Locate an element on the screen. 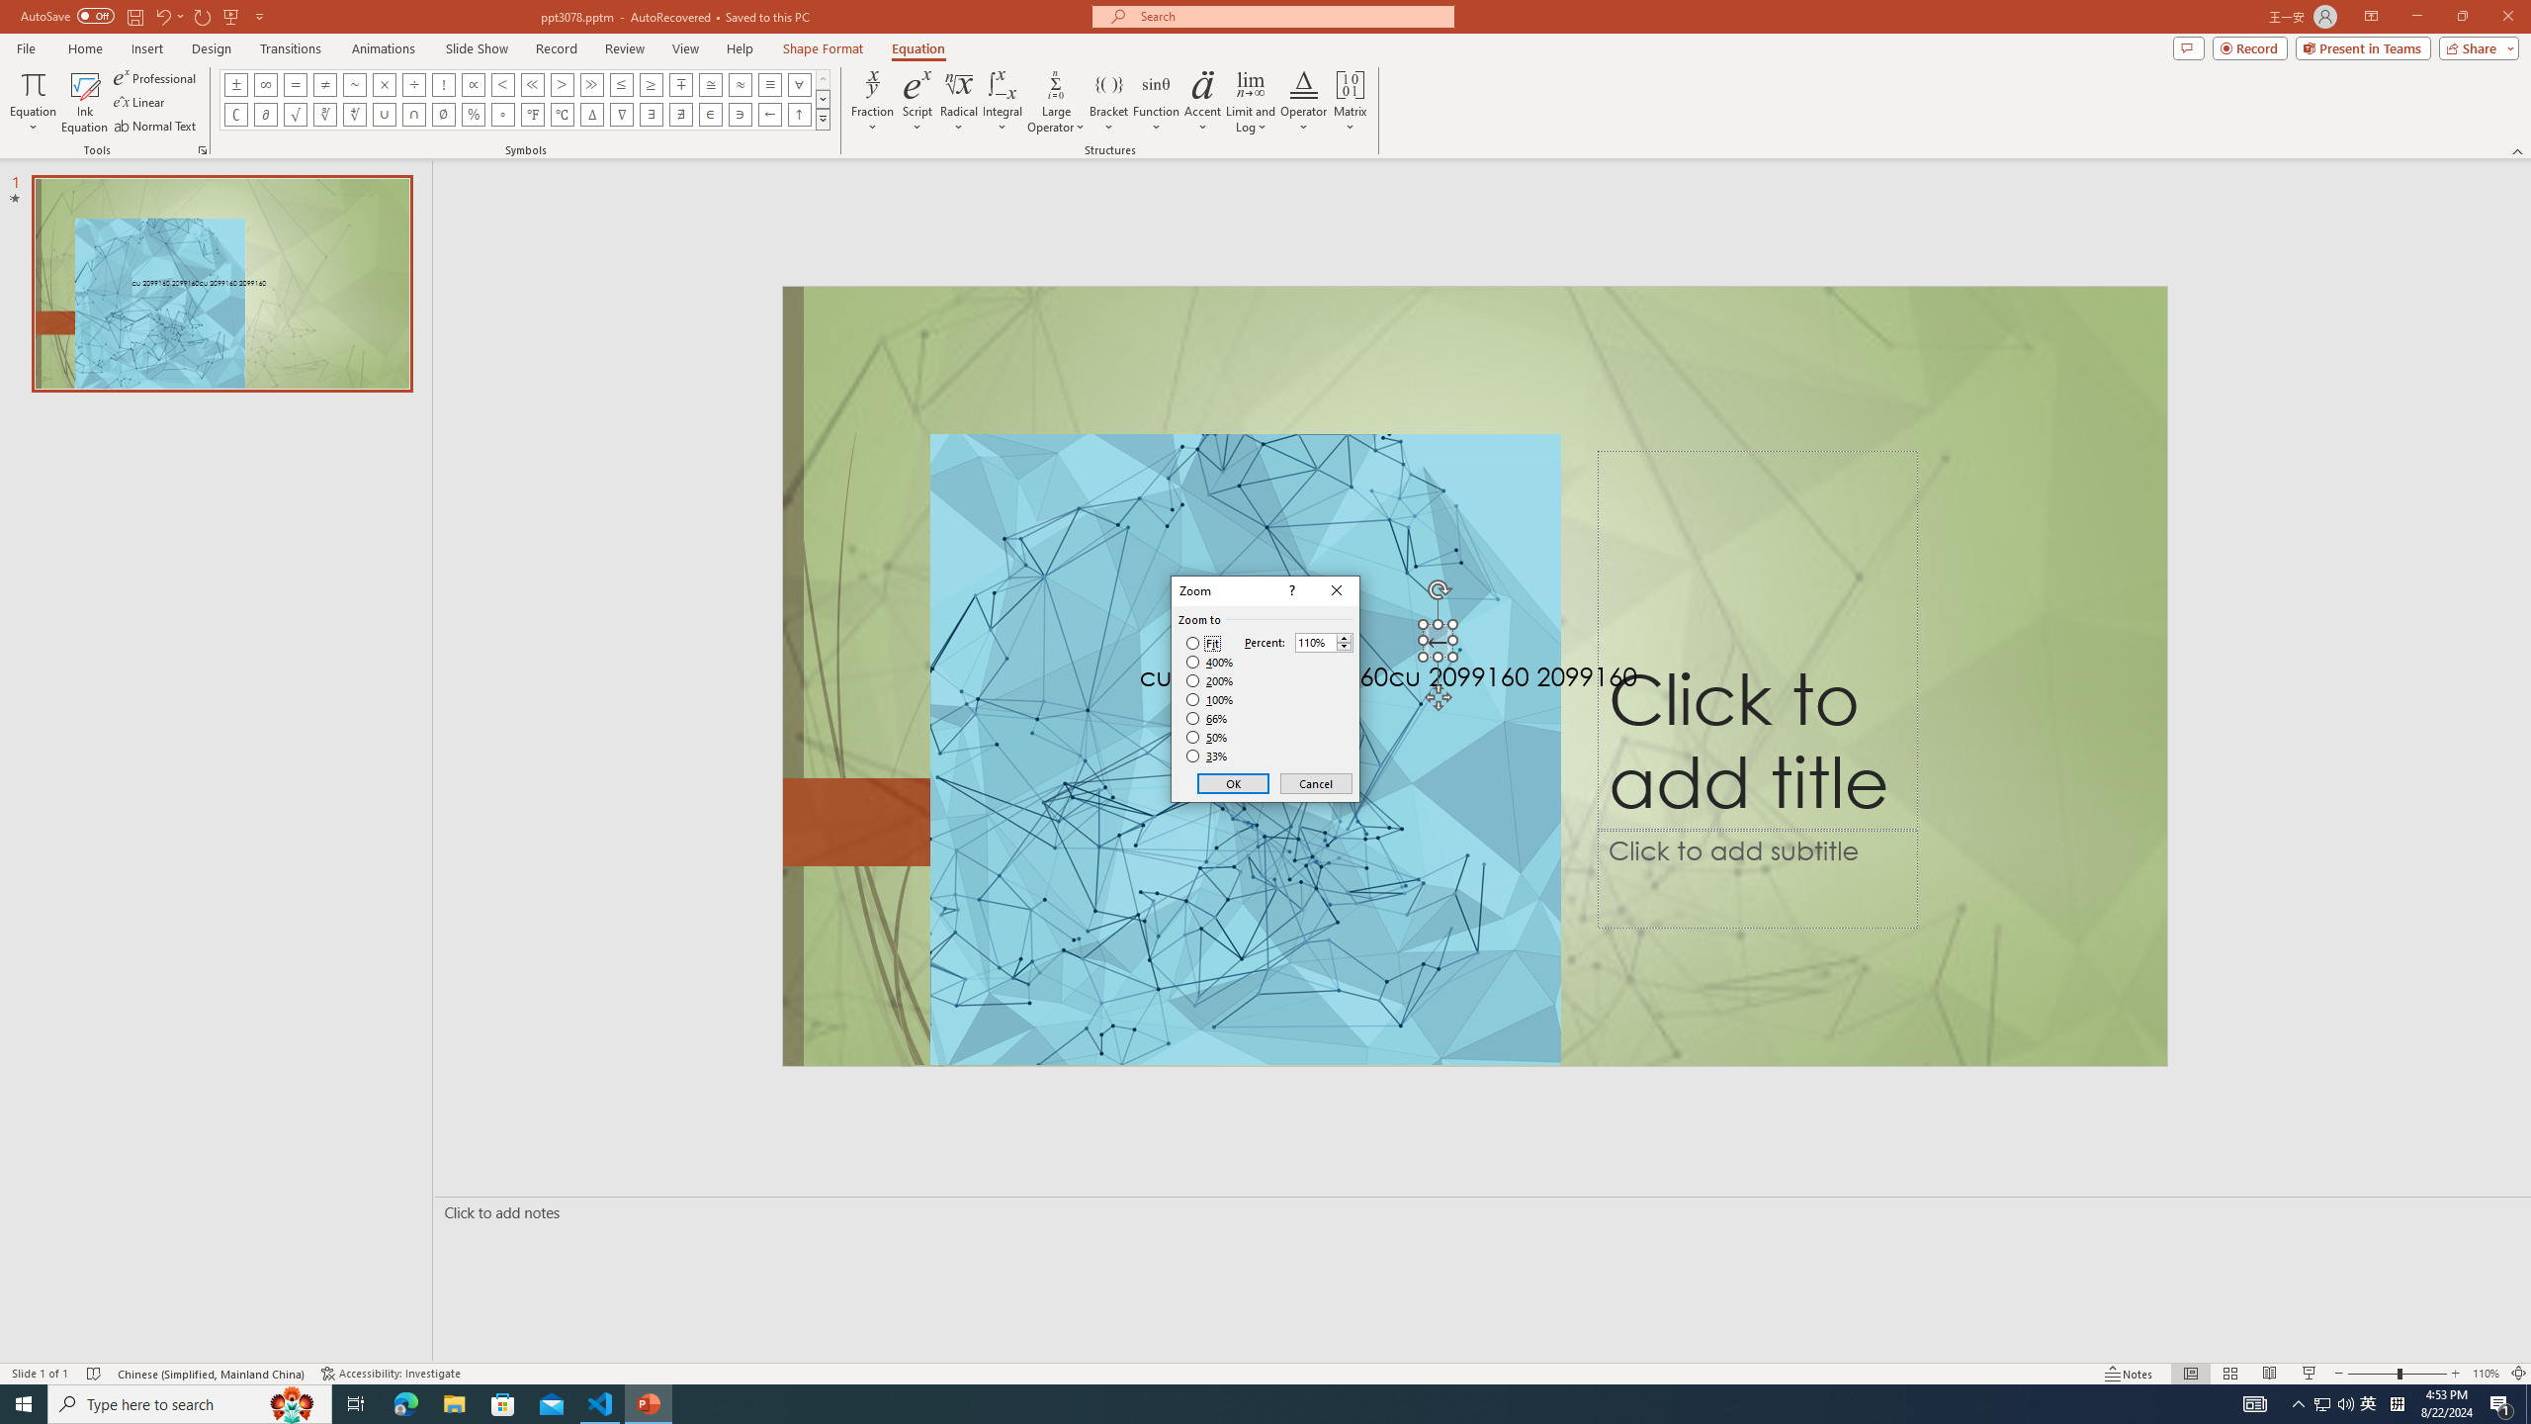 The image size is (2531, 1424). 'Equation Symbol Percentage' is located at coordinates (472, 113).